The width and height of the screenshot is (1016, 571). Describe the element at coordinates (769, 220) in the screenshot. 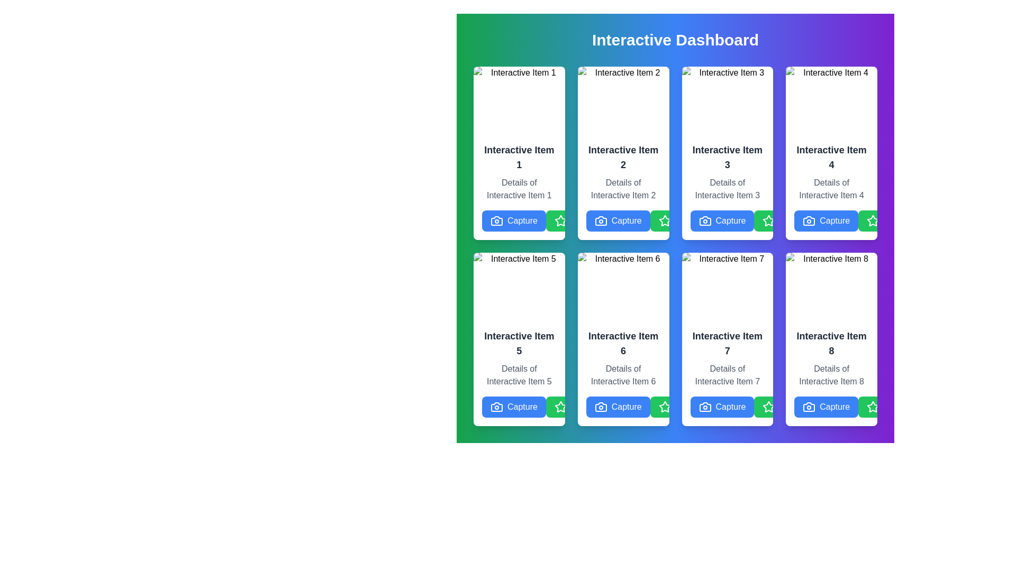

I see `the star icon with a green fill and white outline located to the left of the 'Favorite' button to mark the item as a favorite` at that location.